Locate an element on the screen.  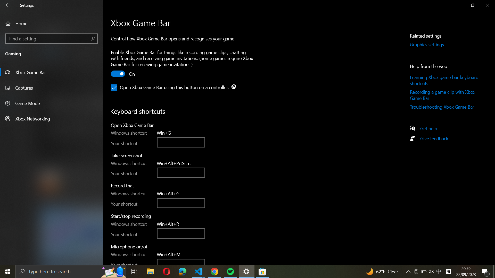
and select the Xbox Networking option from the left panel is located at coordinates (52, 118).